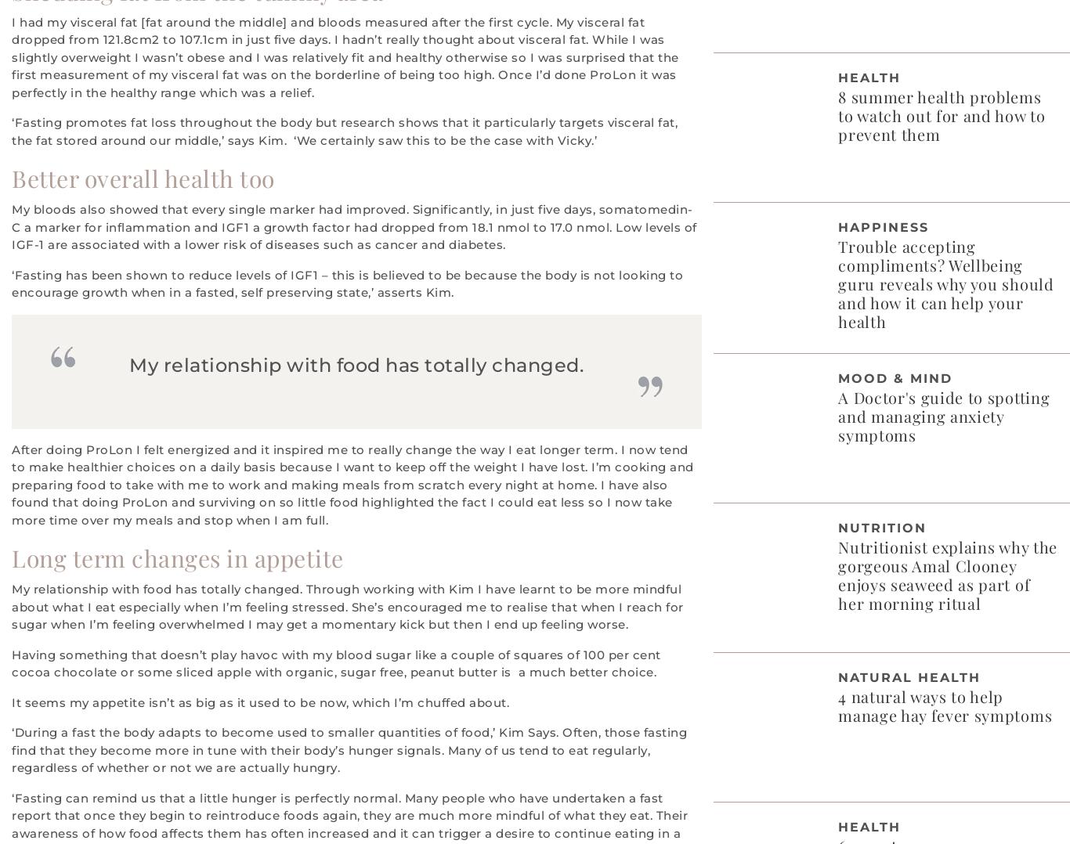  What do you see at coordinates (947, 574) in the screenshot?
I see `'Nutritionist explains why the gorgeous Amal Clooney enjoys seaweed as part of her morning ritual'` at bounding box center [947, 574].